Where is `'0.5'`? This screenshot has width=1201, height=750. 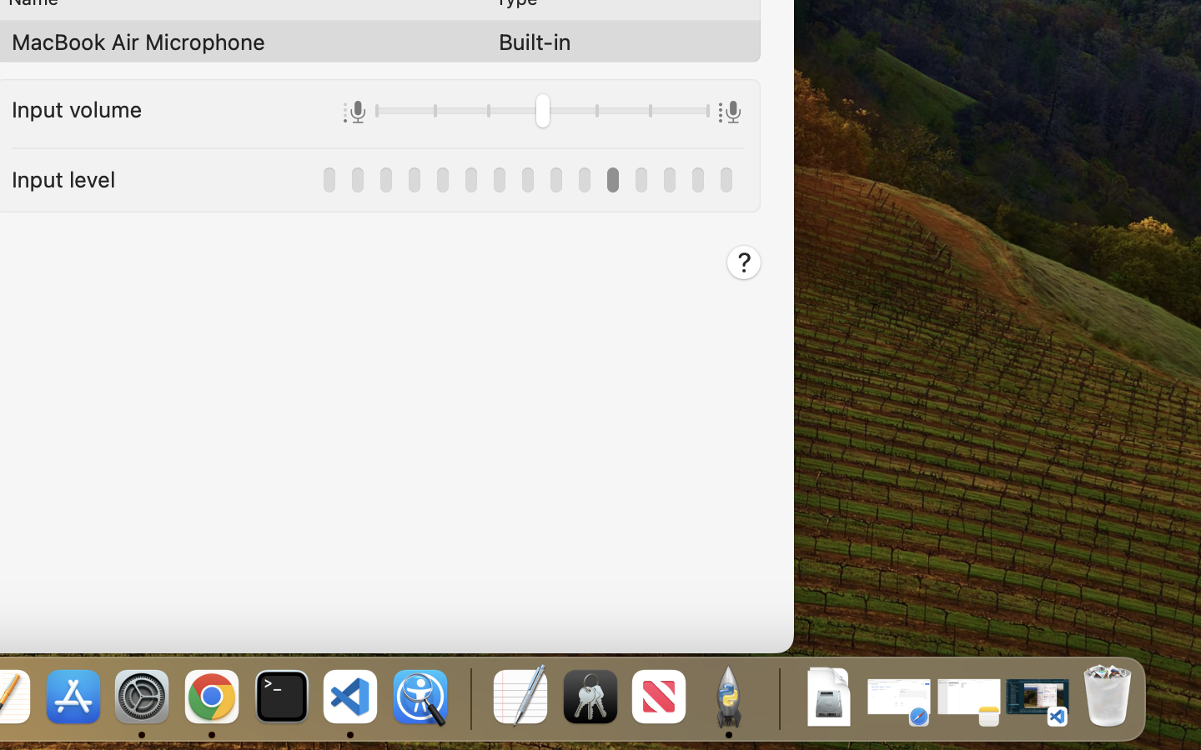
'0.5' is located at coordinates (541, 112).